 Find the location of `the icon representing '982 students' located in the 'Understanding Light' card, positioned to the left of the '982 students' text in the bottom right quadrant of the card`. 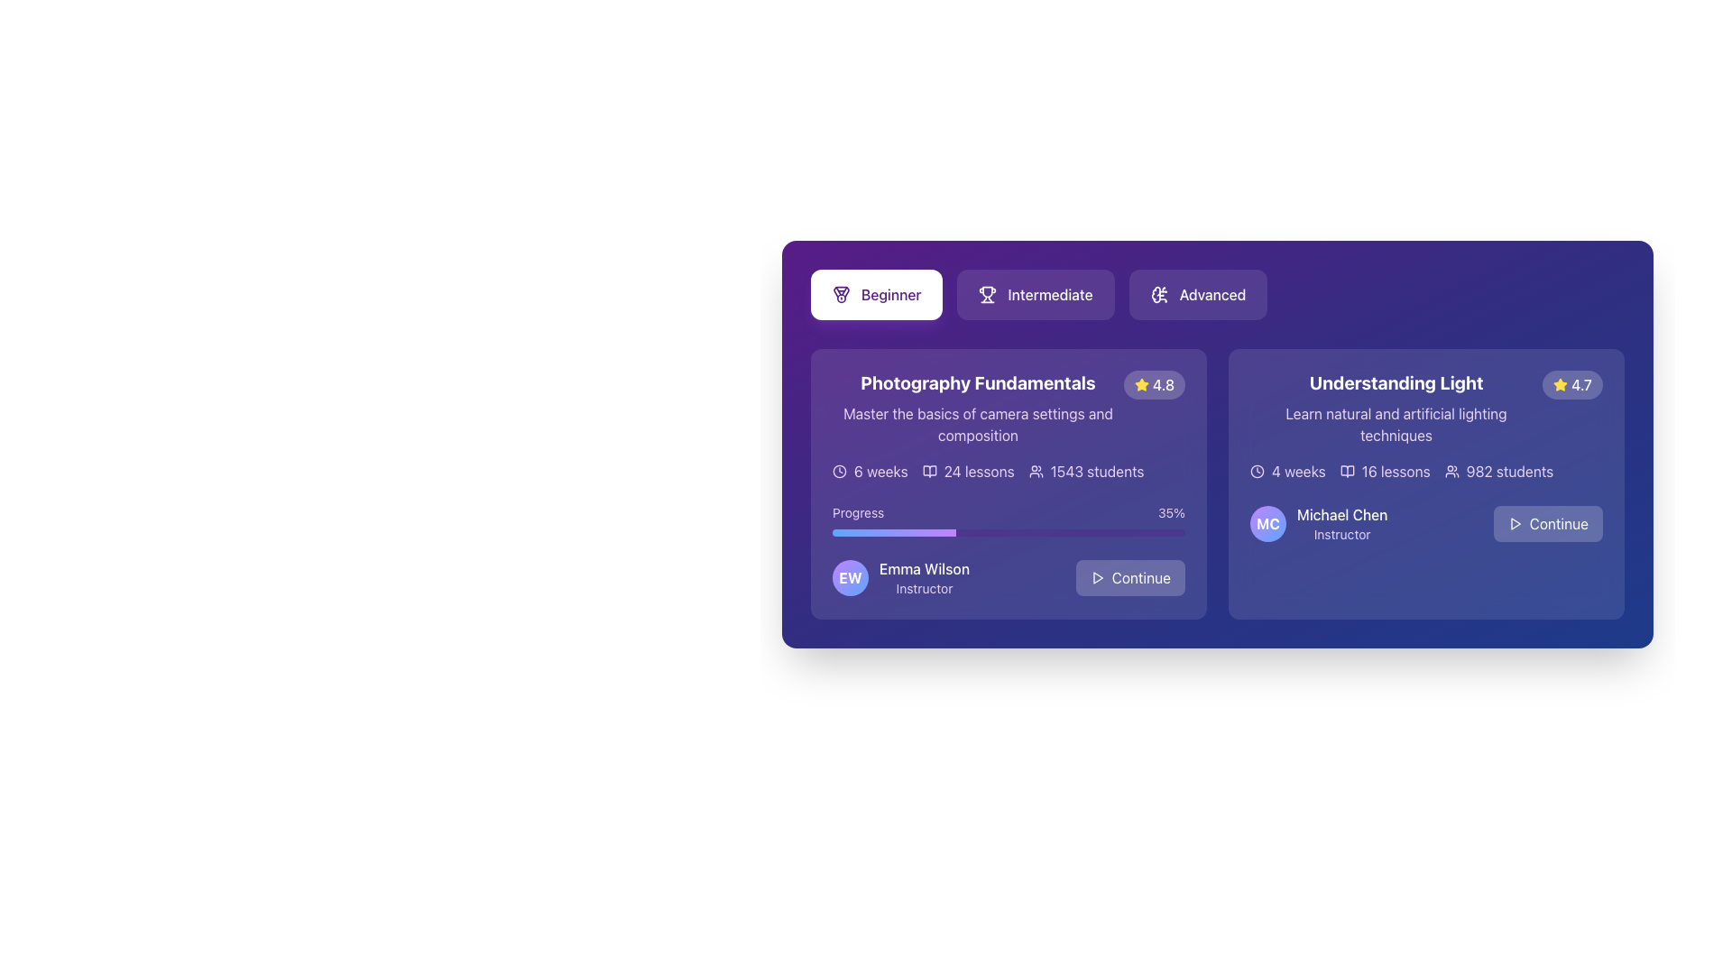

the icon representing '982 students' located in the 'Understanding Light' card, positioned to the left of the '982 students' text in the bottom right quadrant of the card is located at coordinates (1451, 471).